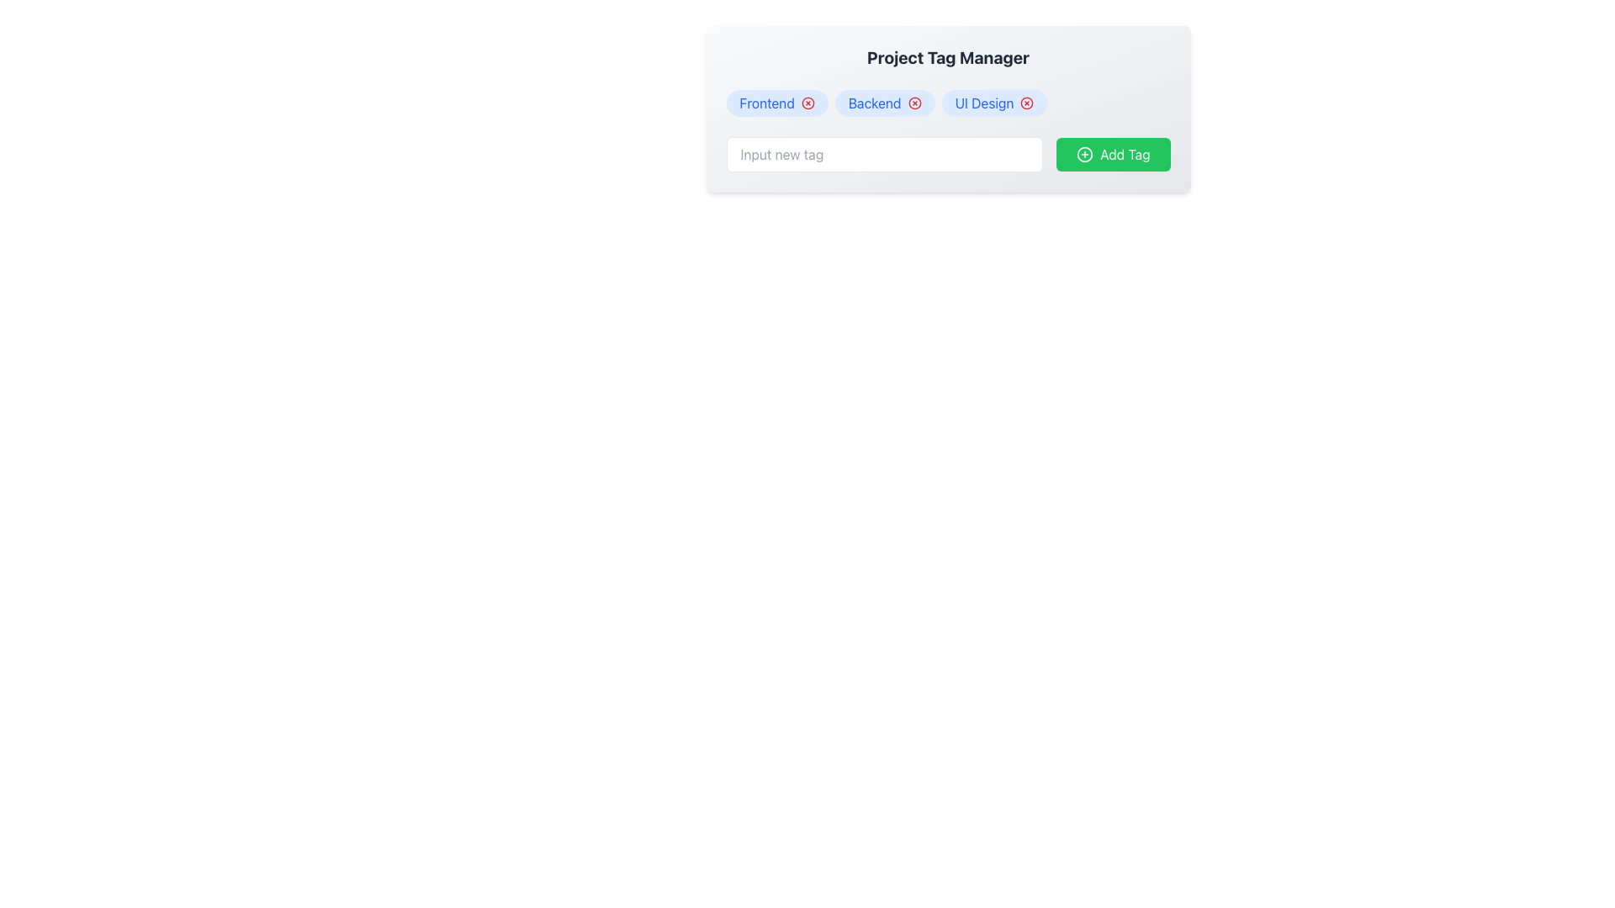 The height and width of the screenshot is (908, 1615). What do you see at coordinates (766, 103) in the screenshot?
I see `the 'Frontend' text label element, which is the first tag under the heading 'Project Tag Manager' and styled in blue on a light blue background` at bounding box center [766, 103].